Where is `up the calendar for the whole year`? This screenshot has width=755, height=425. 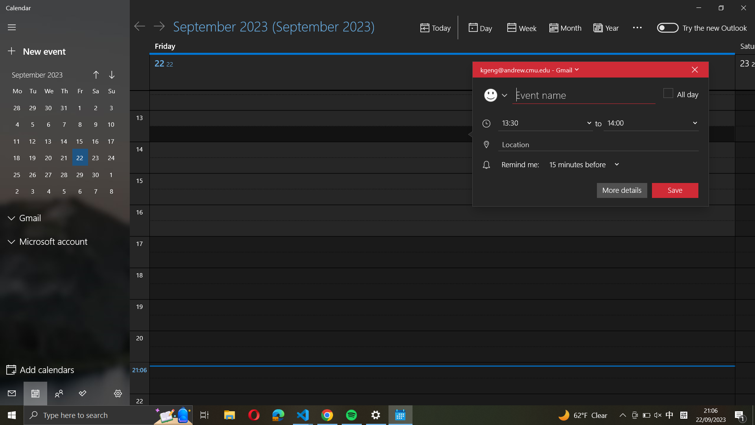 up the calendar for the whole year is located at coordinates (608, 27).